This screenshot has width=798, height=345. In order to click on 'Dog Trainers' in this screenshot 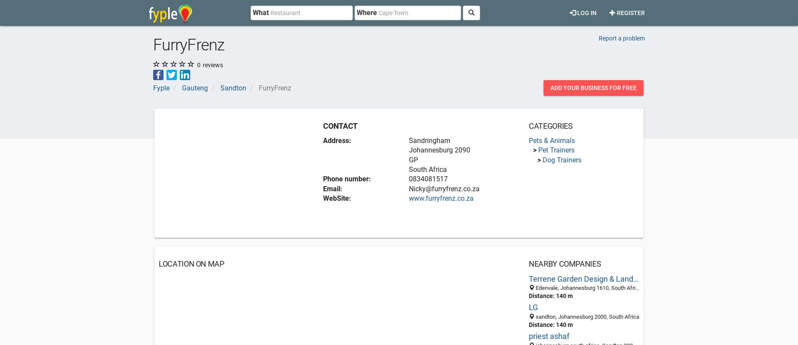, I will do `click(561, 159)`.